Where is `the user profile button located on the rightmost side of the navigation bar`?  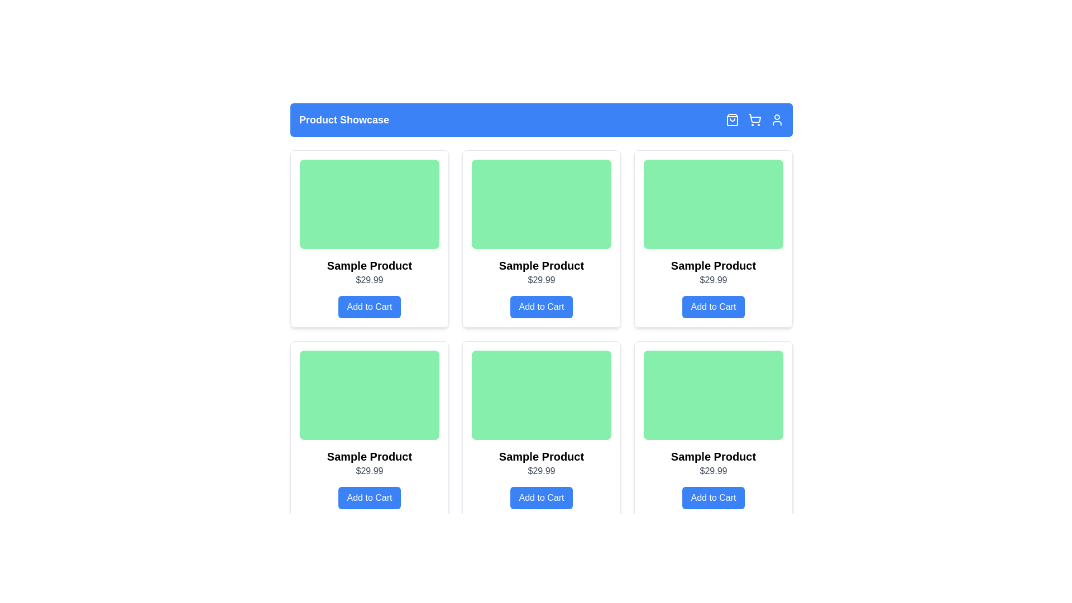 the user profile button located on the rightmost side of the navigation bar is located at coordinates (777, 120).